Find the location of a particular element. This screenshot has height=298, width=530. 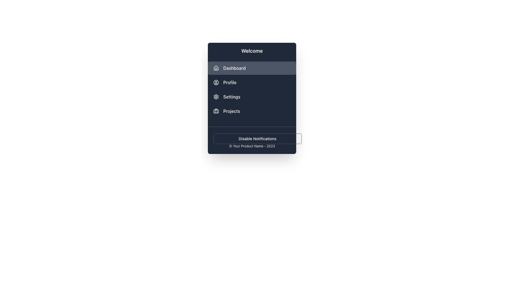

the briefcase icon located to the left of the 'Projects' label in the menu is located at coordinates (216, 111).